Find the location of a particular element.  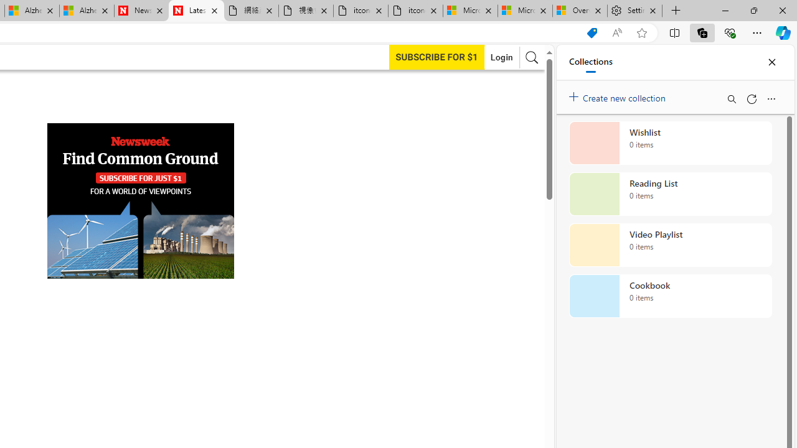

'Wishlist collection, 0 items' is located at coordinates (670, 142).